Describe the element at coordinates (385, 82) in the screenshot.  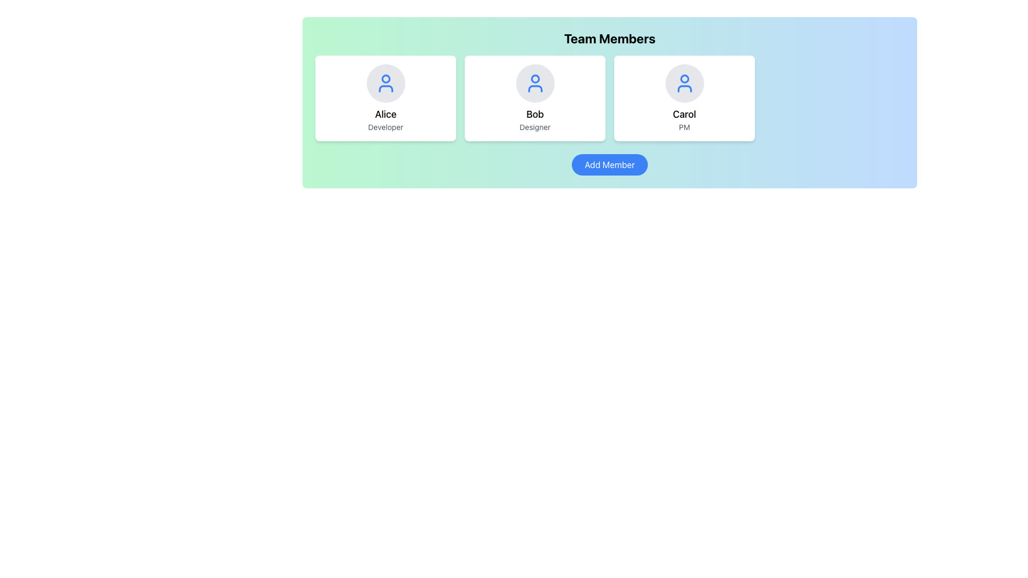
I see `the user icon depicted as a head and shoulders silhouette in blue color, located within the card labeled 'Alice' under the 'Team Members' header` at that location.